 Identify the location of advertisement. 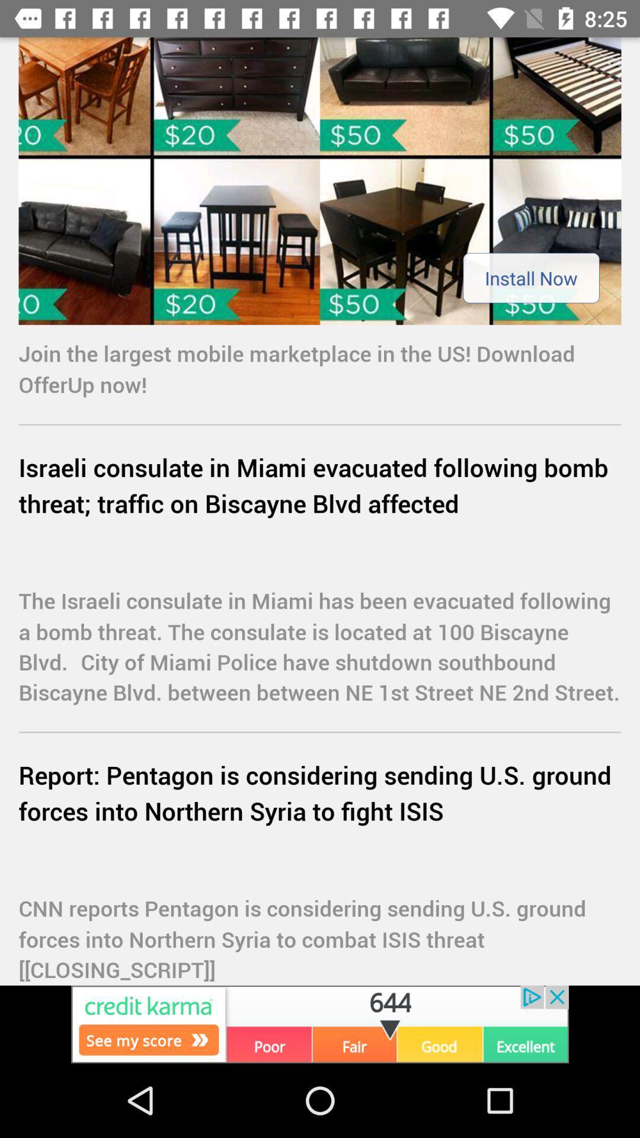
(320, 180).